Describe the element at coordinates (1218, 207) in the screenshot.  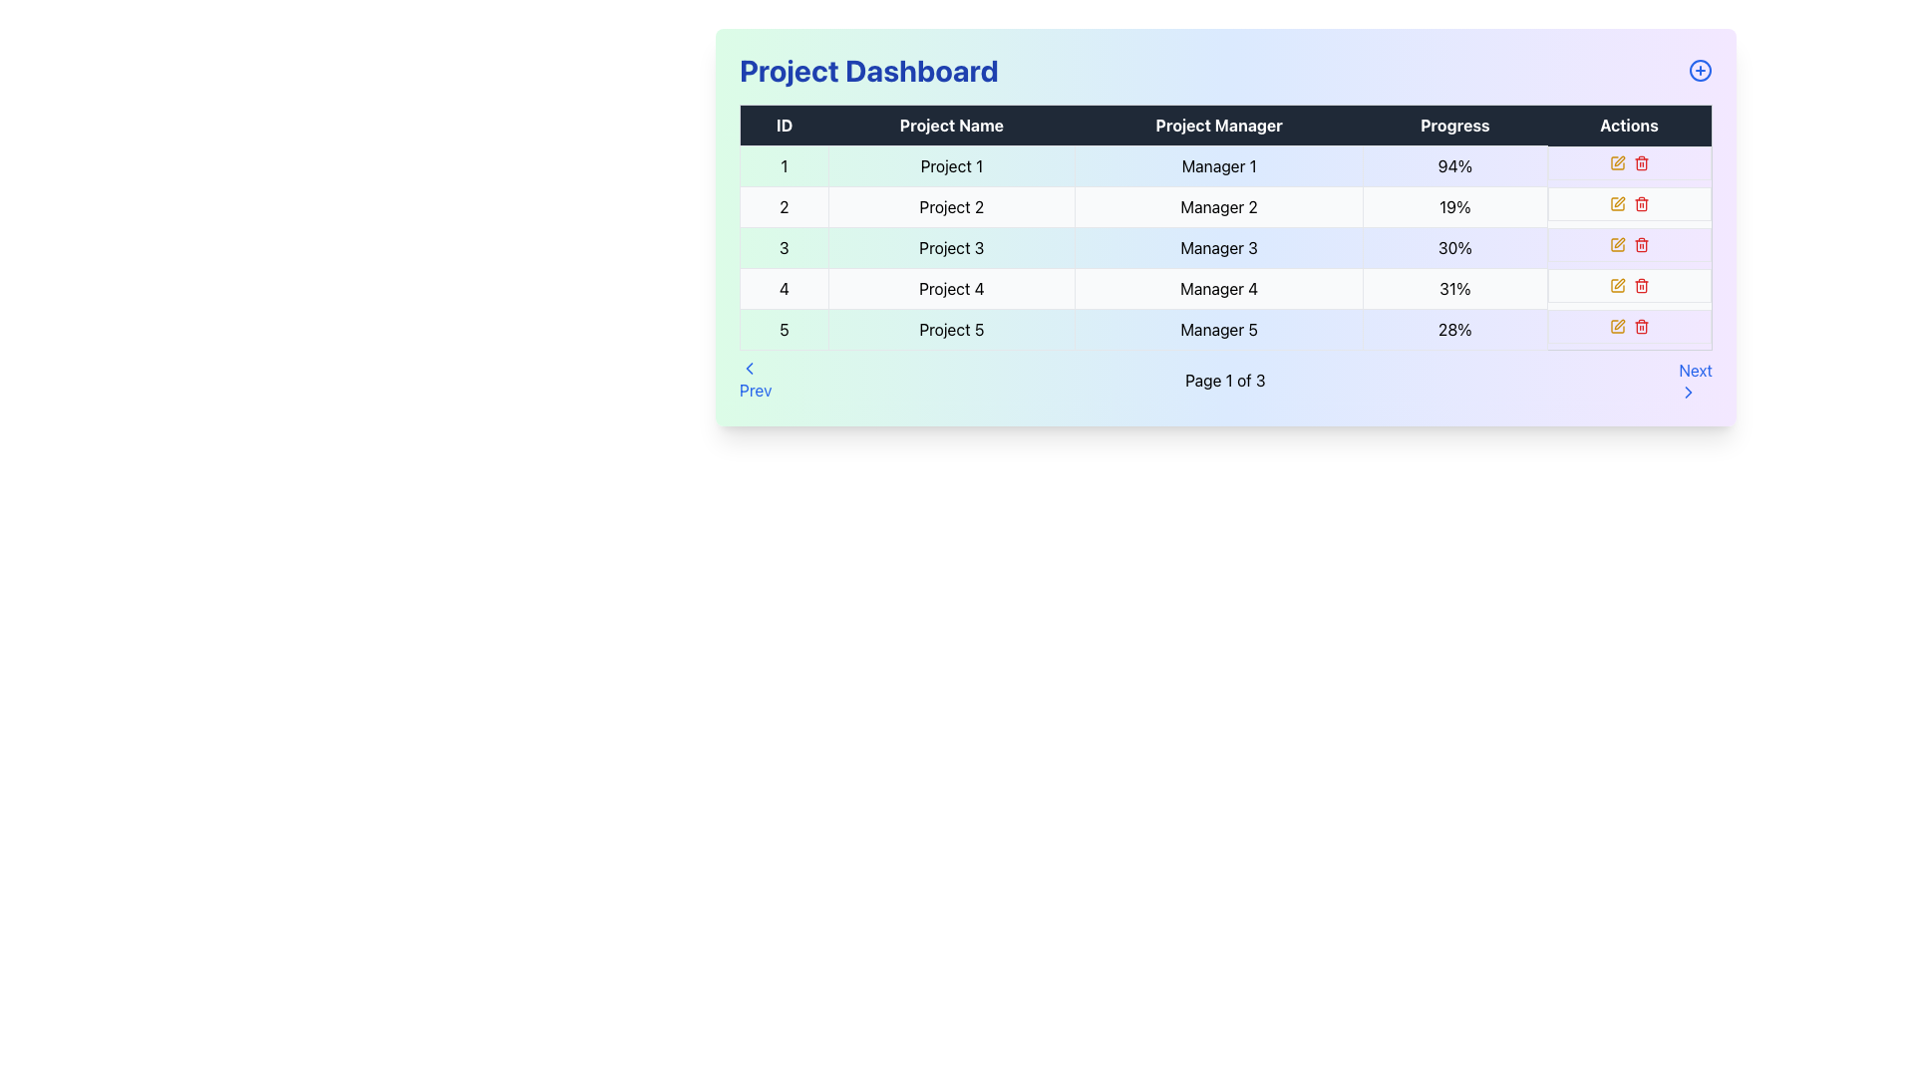
I see `the text label displaying 'Manager 2' located in the third column of the second row under the header 'Project Manager'` at that location.